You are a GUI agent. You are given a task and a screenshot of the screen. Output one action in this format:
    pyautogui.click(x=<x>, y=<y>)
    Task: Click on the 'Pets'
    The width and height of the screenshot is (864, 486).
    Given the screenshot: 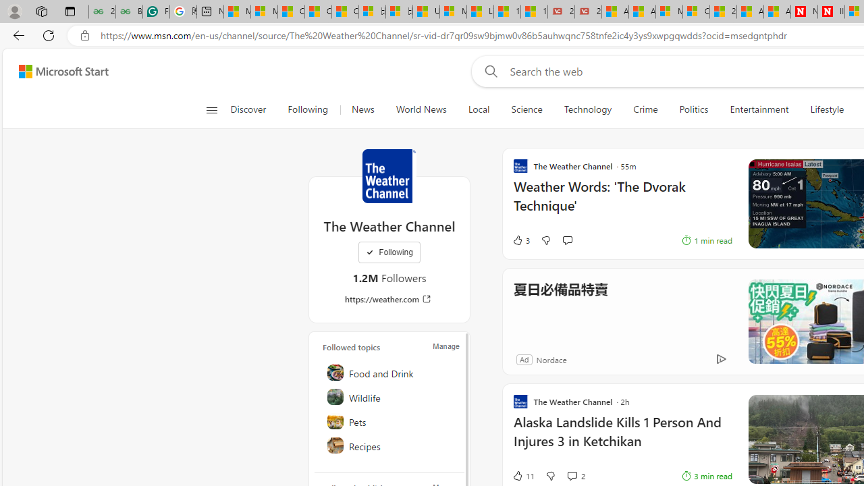 What is the action you would take?
    pyautogui.click(x=389, y=420)
    